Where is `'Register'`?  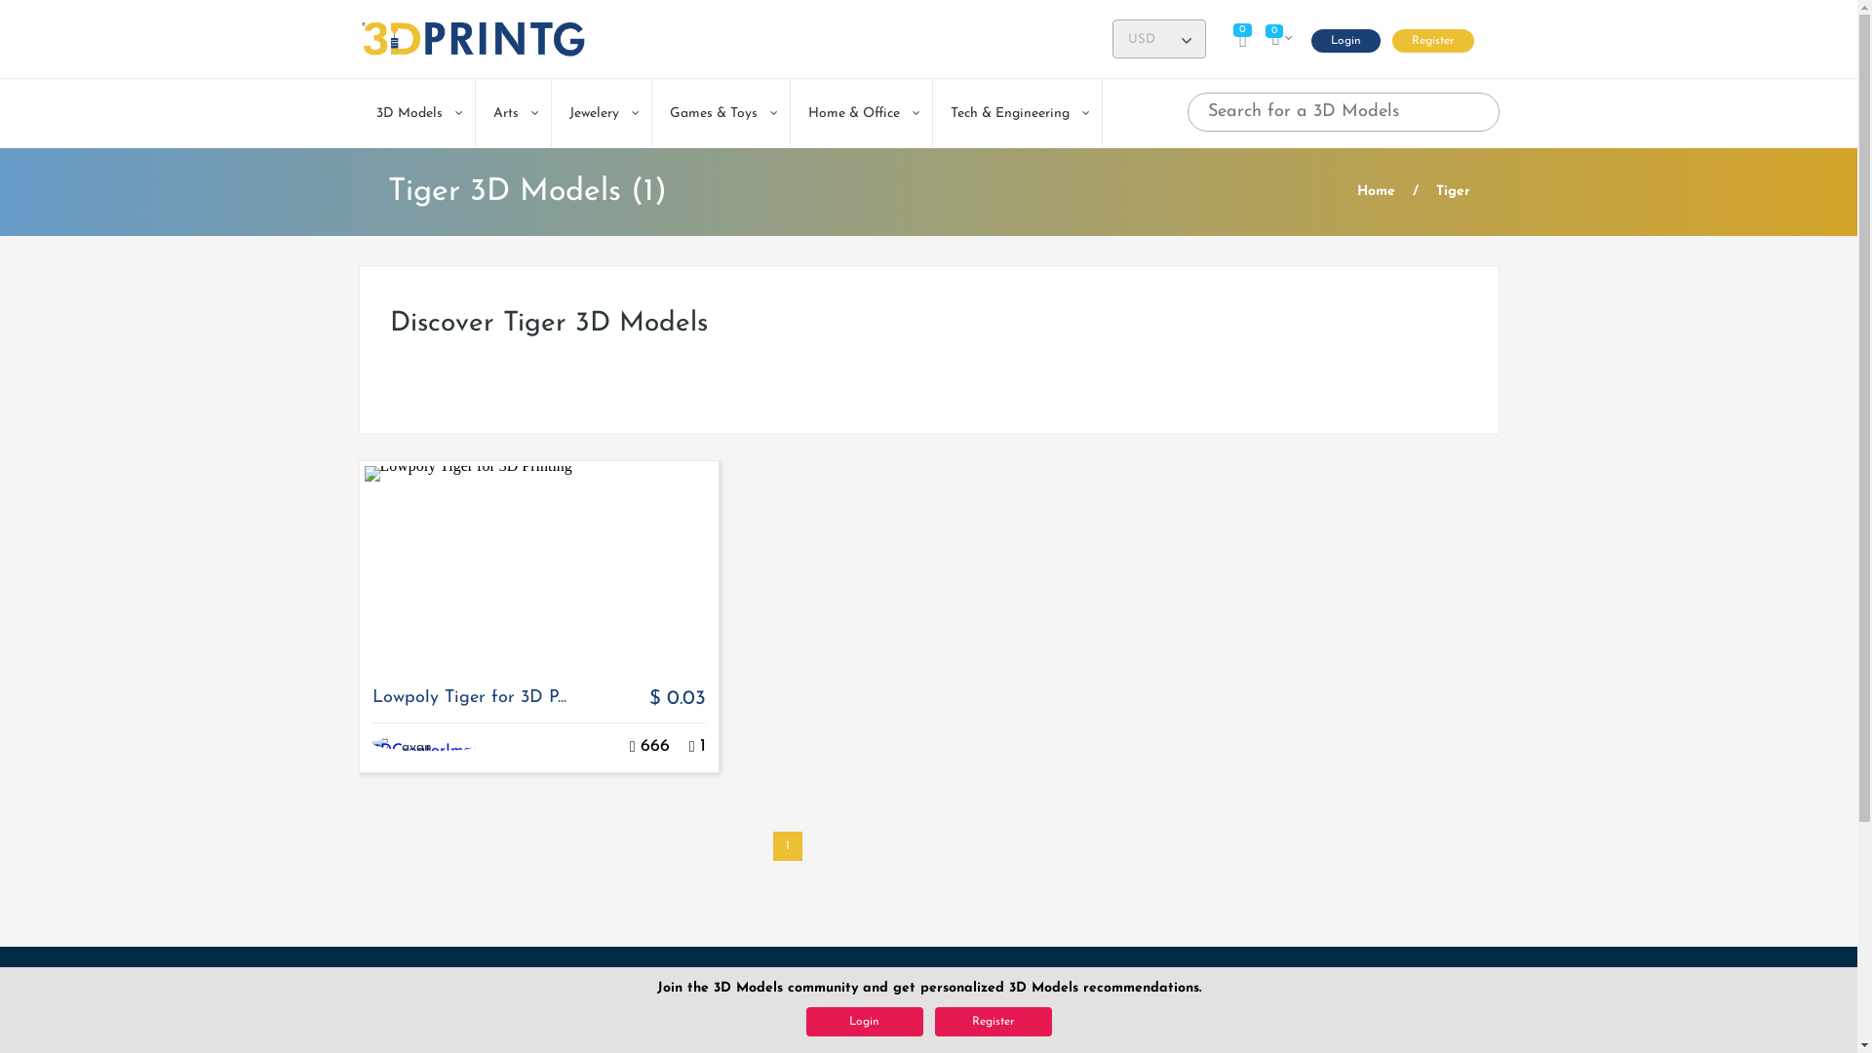 'Register' is located at coordinates (1432, 41).